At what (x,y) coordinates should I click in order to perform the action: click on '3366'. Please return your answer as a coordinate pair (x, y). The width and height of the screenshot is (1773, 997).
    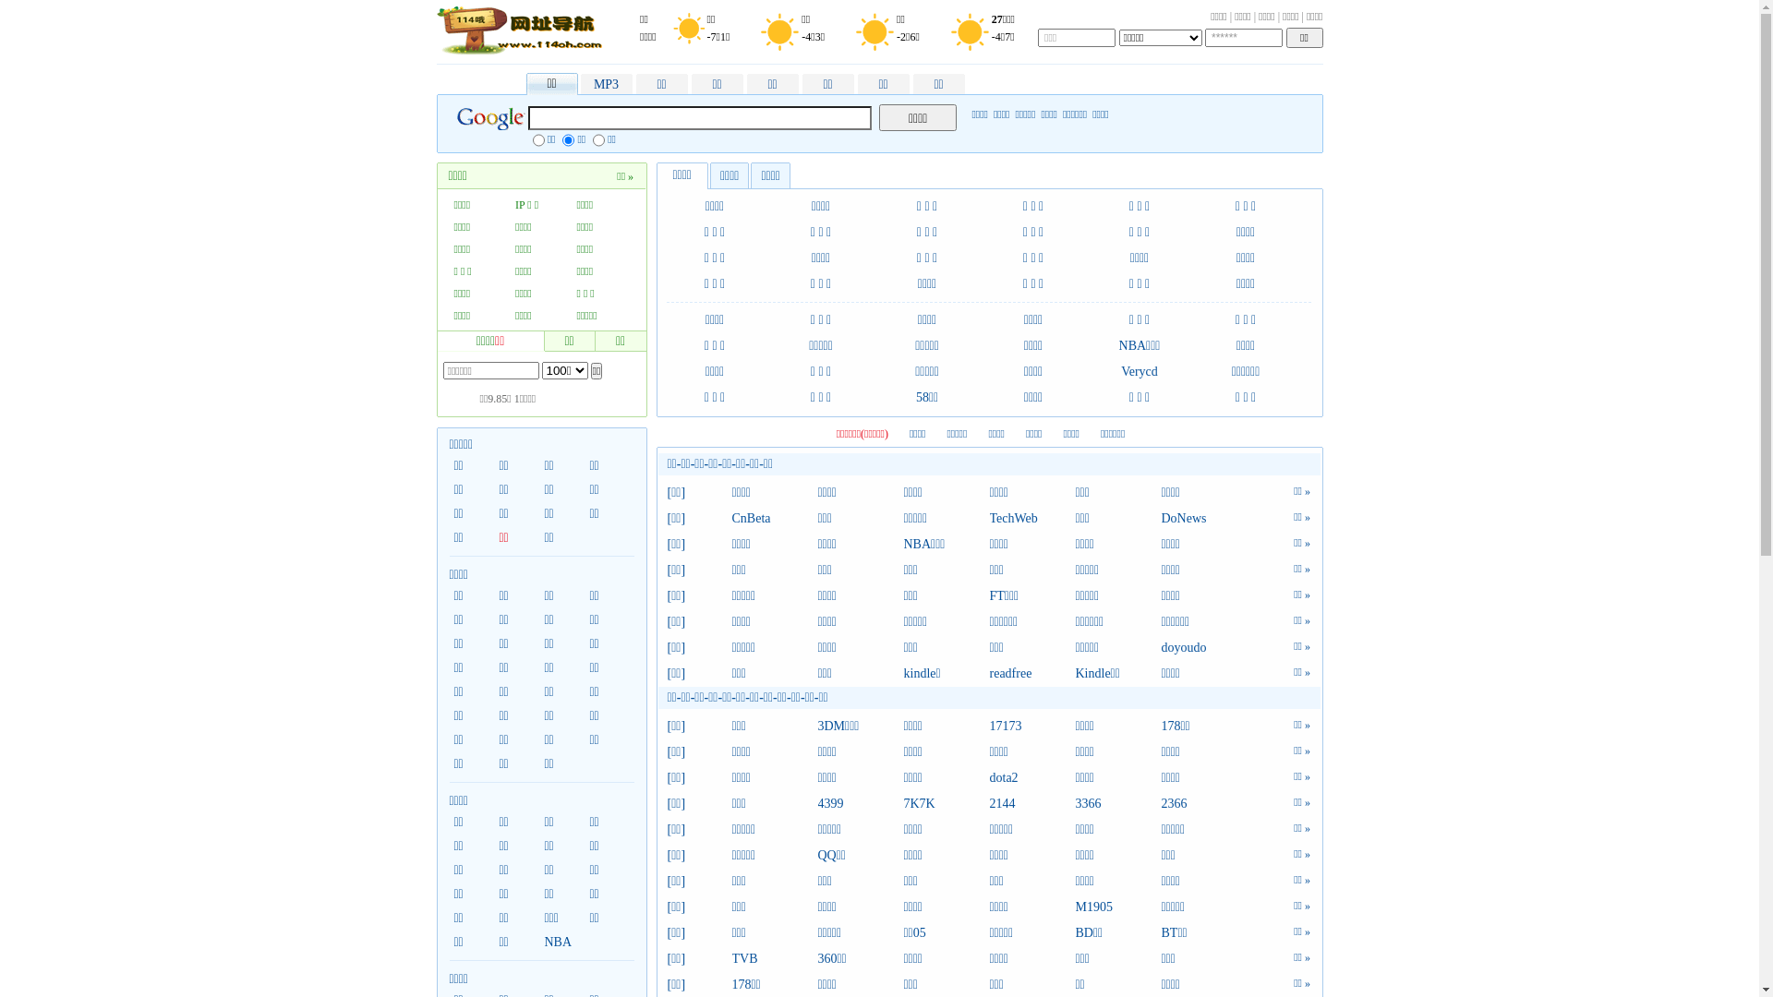
    Looking at the image, I should click on (1116, 803).